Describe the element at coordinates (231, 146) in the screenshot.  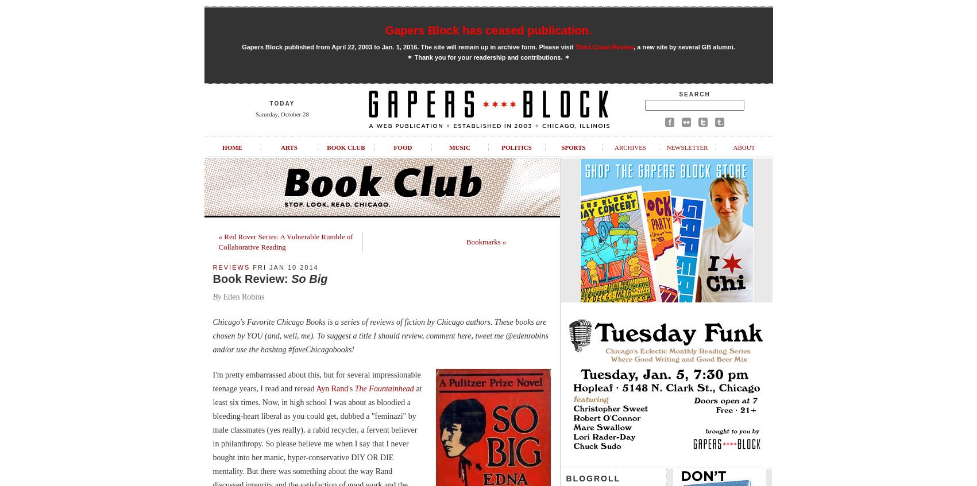
I see `'Home'` at that location.